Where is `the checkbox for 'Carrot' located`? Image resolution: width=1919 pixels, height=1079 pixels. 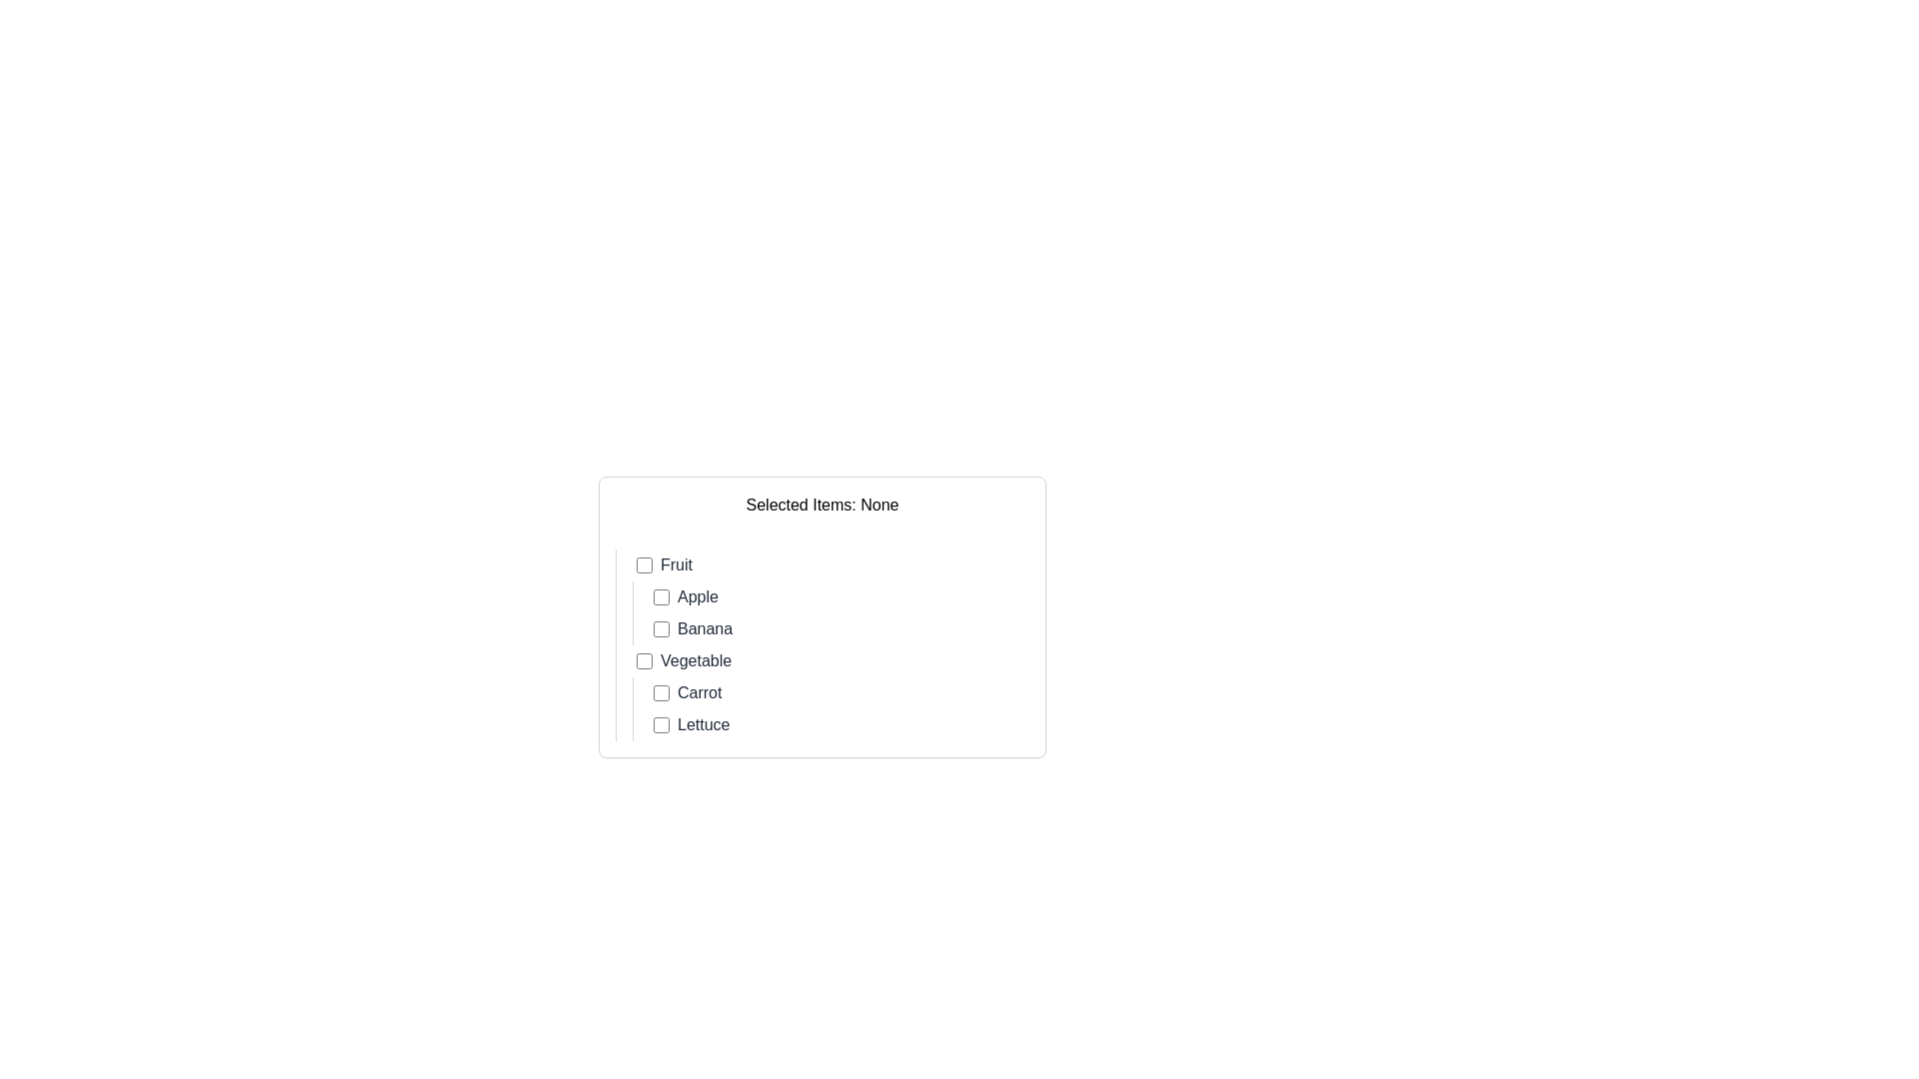
the checkbox for 'Carrot' located is located at coordinates (840, 692).